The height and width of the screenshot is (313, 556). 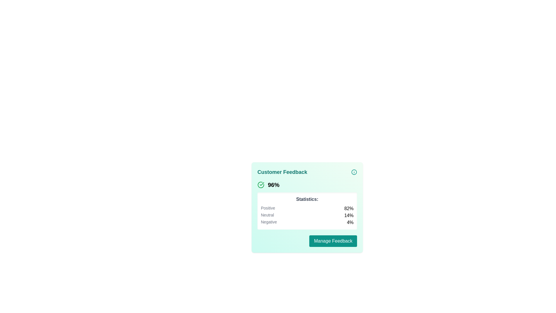 I want to click on the circular checkmark icon with a green checkmark, which is located to the left of the bold '96%' text in the card interface, so click(x=261, y=185).